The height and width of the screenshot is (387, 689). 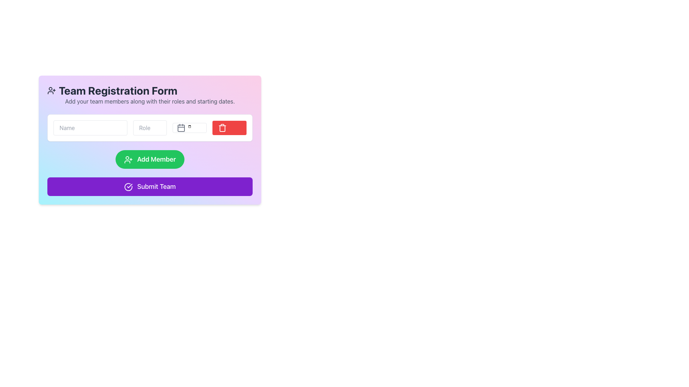 I want to click on the Delete icon, which is a red button with a white trash bin design located on the right side of a form element, so click(x=222, y=128).